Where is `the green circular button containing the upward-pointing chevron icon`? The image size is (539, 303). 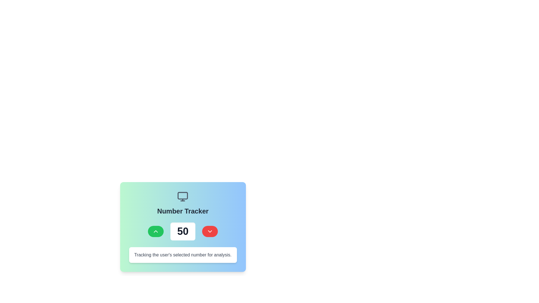
the green circular button containing the upward-pointing chevron icon is located at coordinates (156, 231).